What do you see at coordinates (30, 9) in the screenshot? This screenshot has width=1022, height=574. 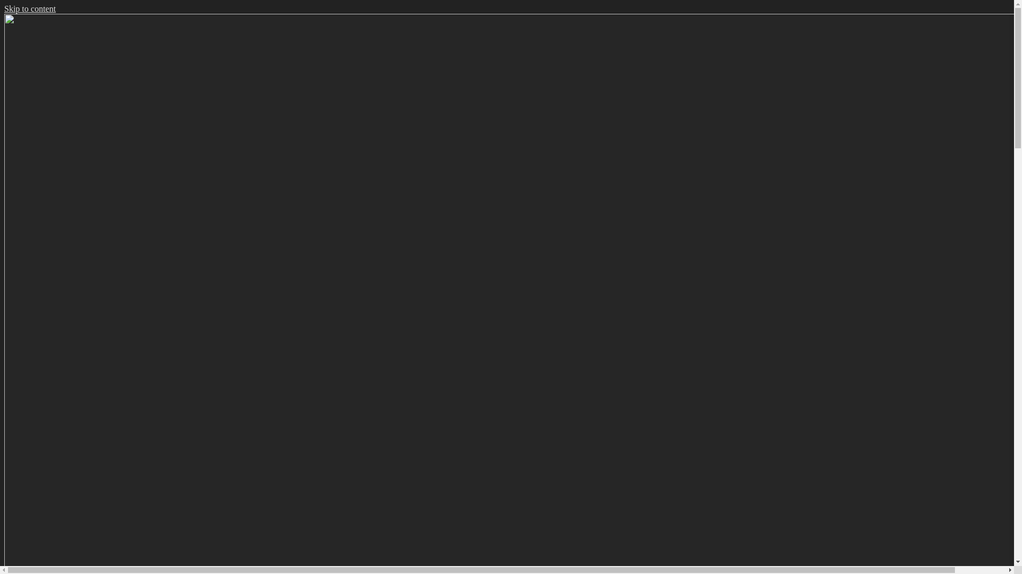 I see `'Skip to content'` at bounding box center [30, 9].